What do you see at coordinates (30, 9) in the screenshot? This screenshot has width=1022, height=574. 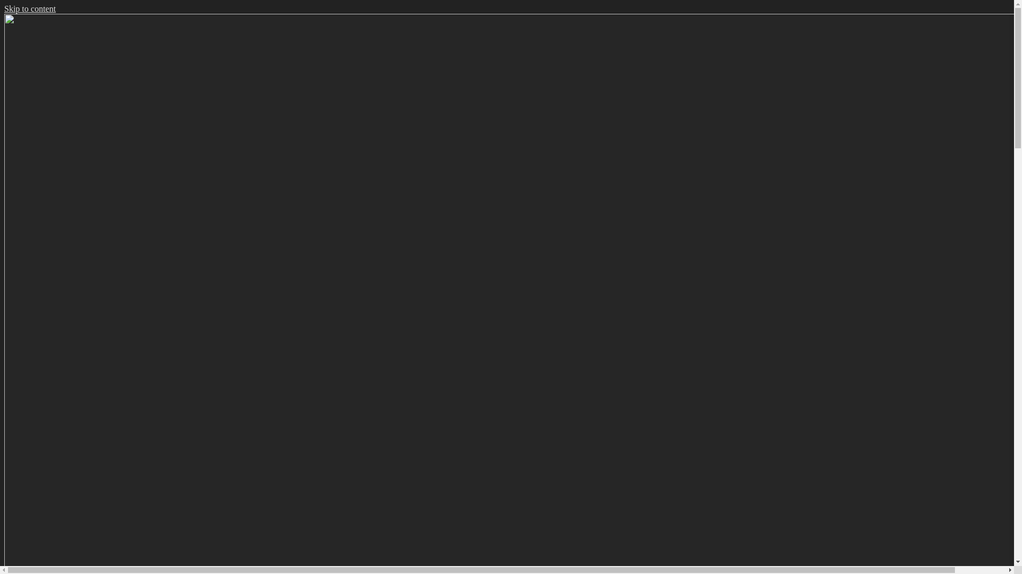 I see `'Skip to content'` at bounding box center [30, 9].